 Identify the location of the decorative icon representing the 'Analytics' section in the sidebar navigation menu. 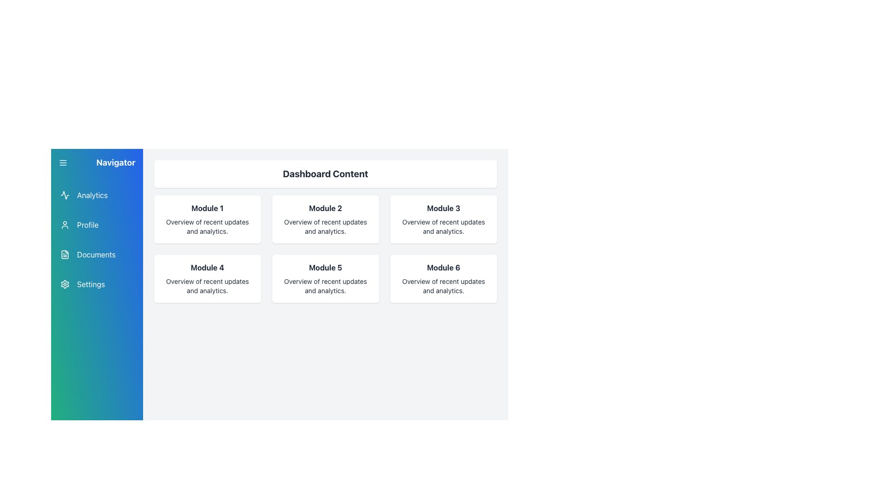
(64, 194).